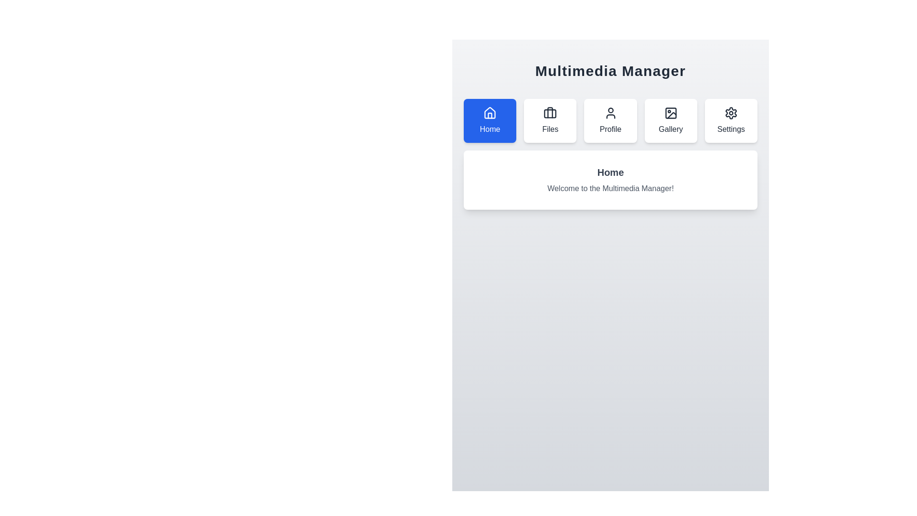 The image size is (917, 516). Describe the element at coordinates (730, 120) in the screenshot. I see `the 'Settings' button with a cogwheel icon located at the far right of the navigation bar to observe its hover effects` at that location.